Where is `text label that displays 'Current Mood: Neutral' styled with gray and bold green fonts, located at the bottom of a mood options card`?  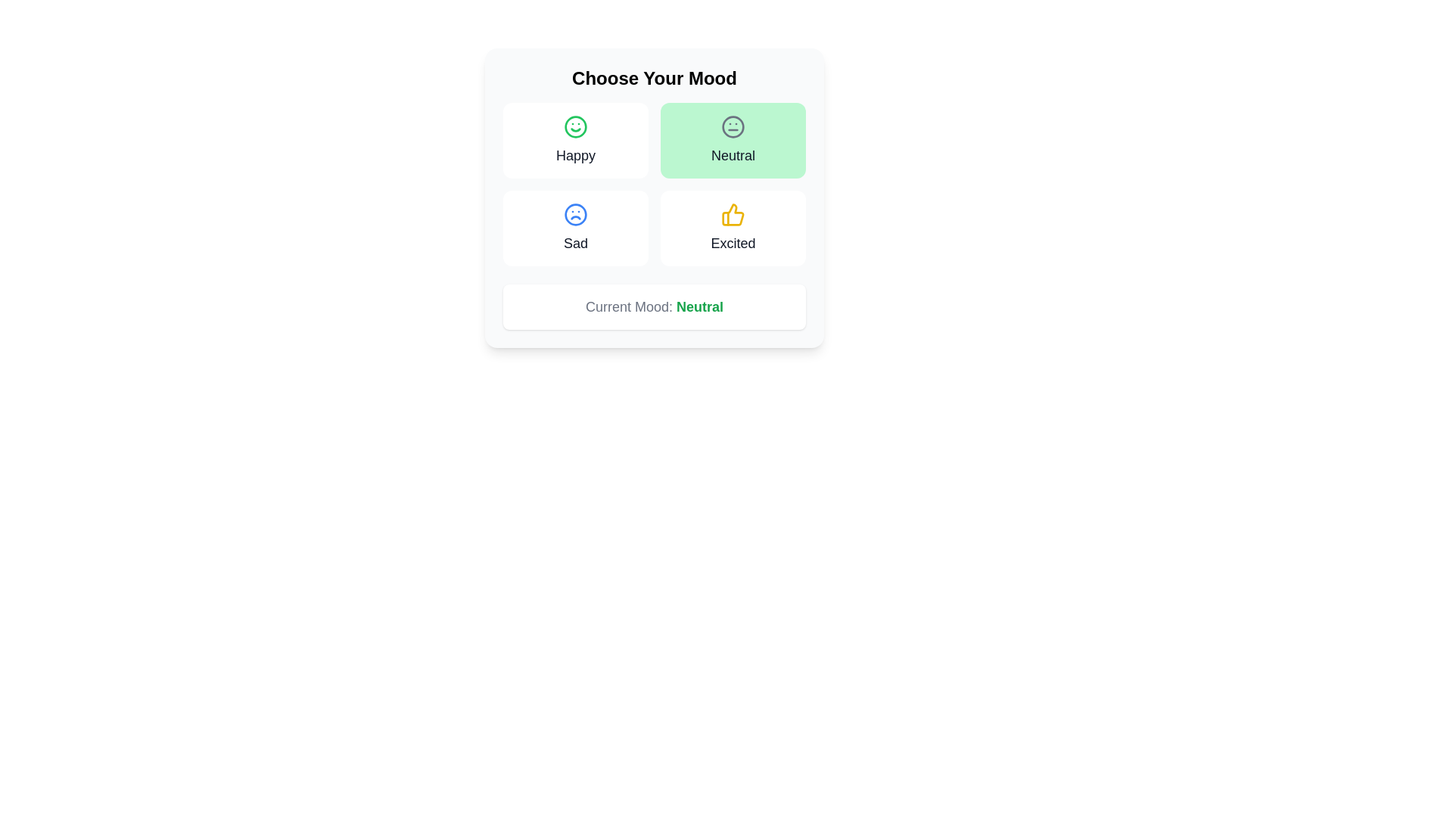
text label that displays 'Current Mood: Neutral' styled with gray and bold green fonts, located at the bottom of a mood options card is located at coordinates (654, 306).